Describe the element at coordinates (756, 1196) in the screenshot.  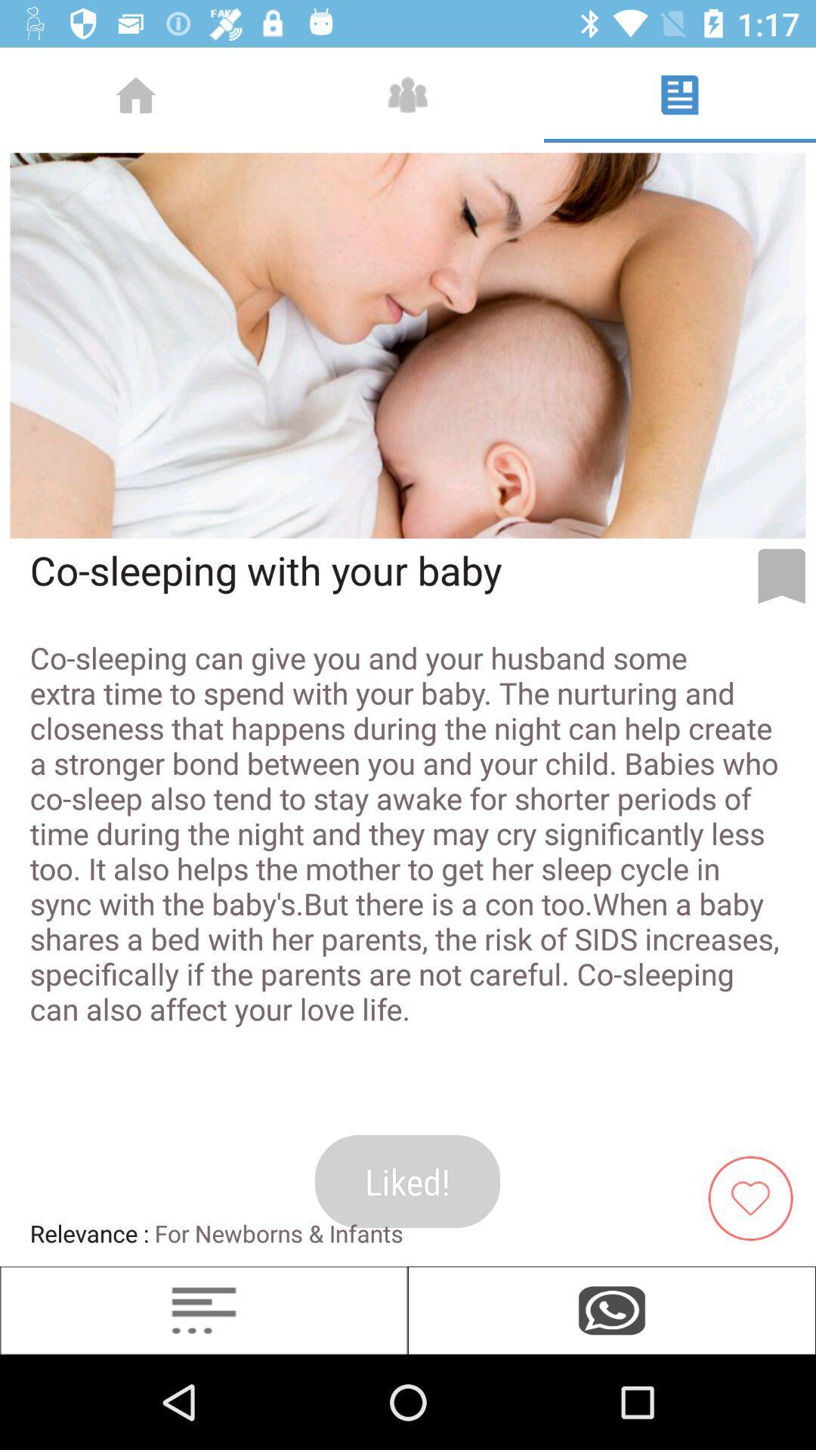
I see `like article` at that location.